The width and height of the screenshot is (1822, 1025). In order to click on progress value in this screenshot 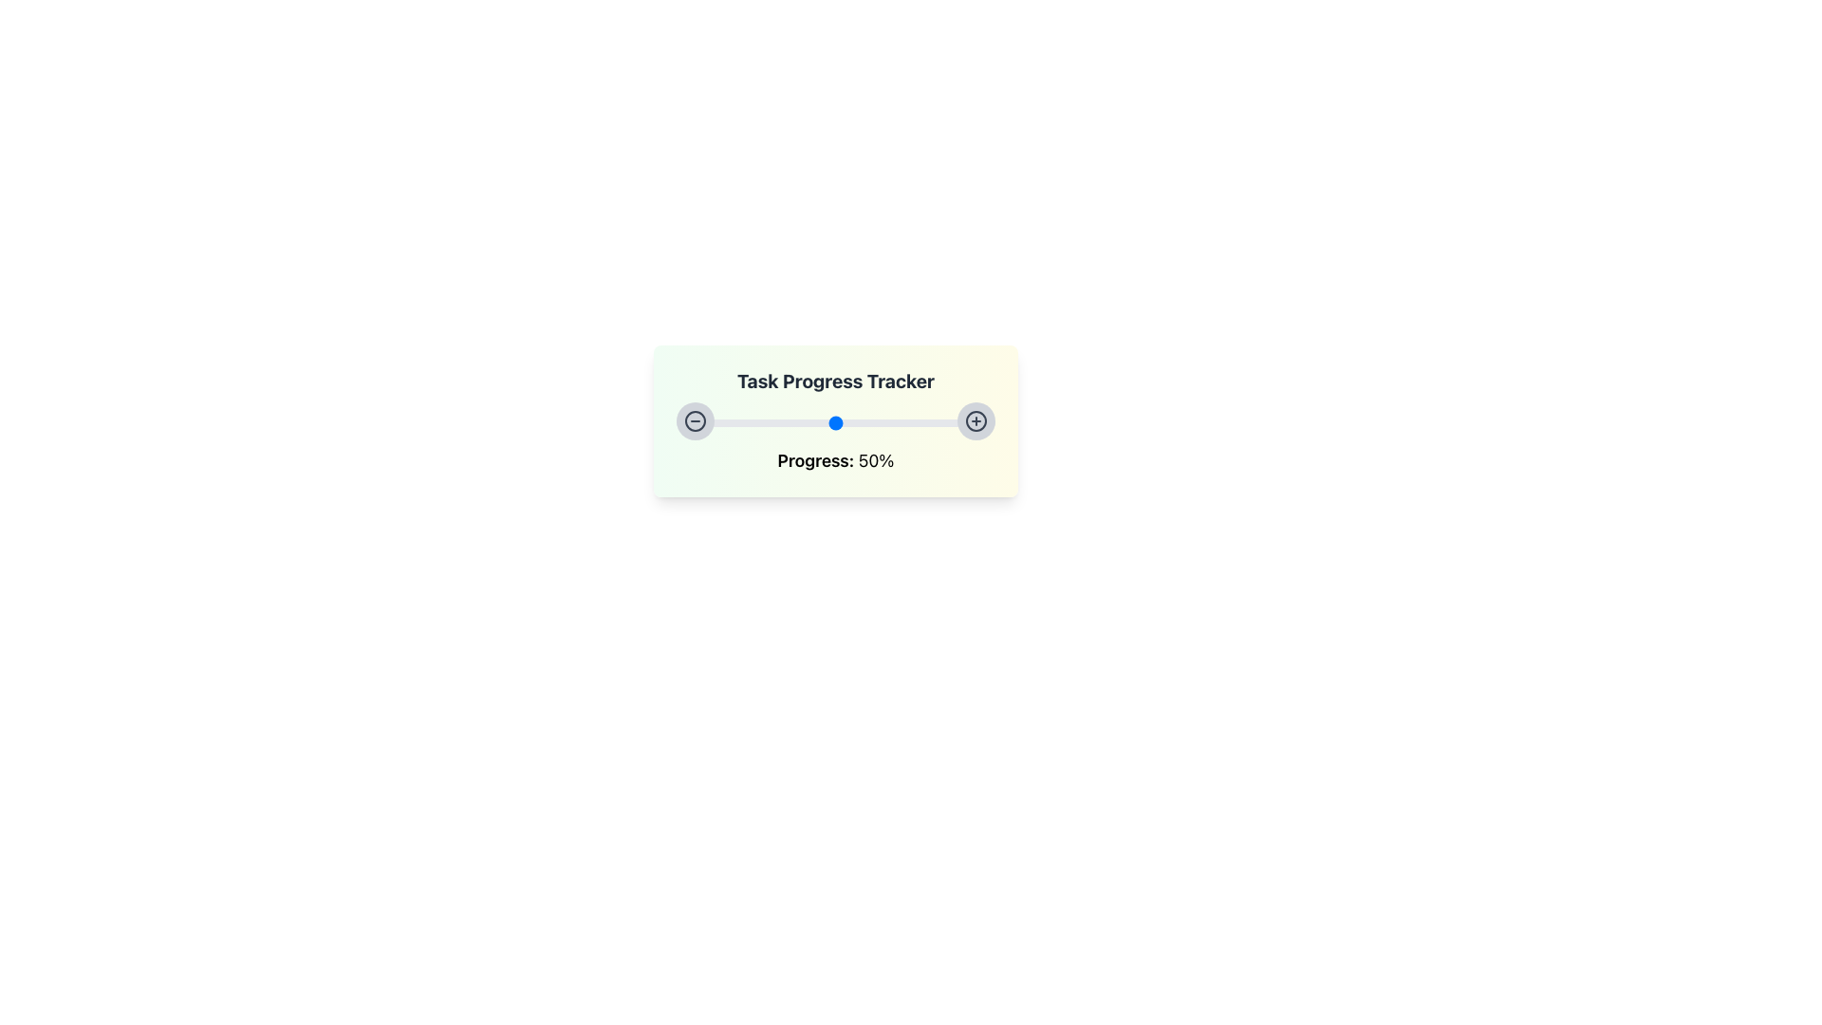, I will do `click(860, 419)`.